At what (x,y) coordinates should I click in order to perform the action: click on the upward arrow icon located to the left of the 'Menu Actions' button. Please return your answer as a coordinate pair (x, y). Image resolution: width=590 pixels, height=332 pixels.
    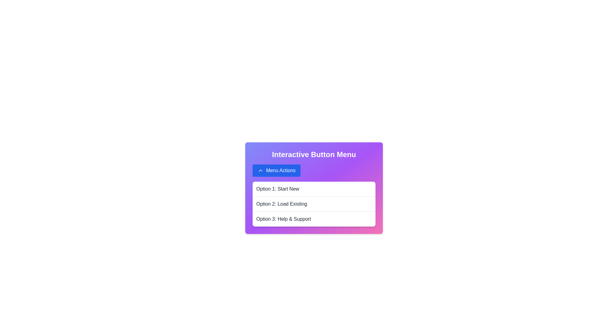
    Looking at the image, I should click on (261, 171).